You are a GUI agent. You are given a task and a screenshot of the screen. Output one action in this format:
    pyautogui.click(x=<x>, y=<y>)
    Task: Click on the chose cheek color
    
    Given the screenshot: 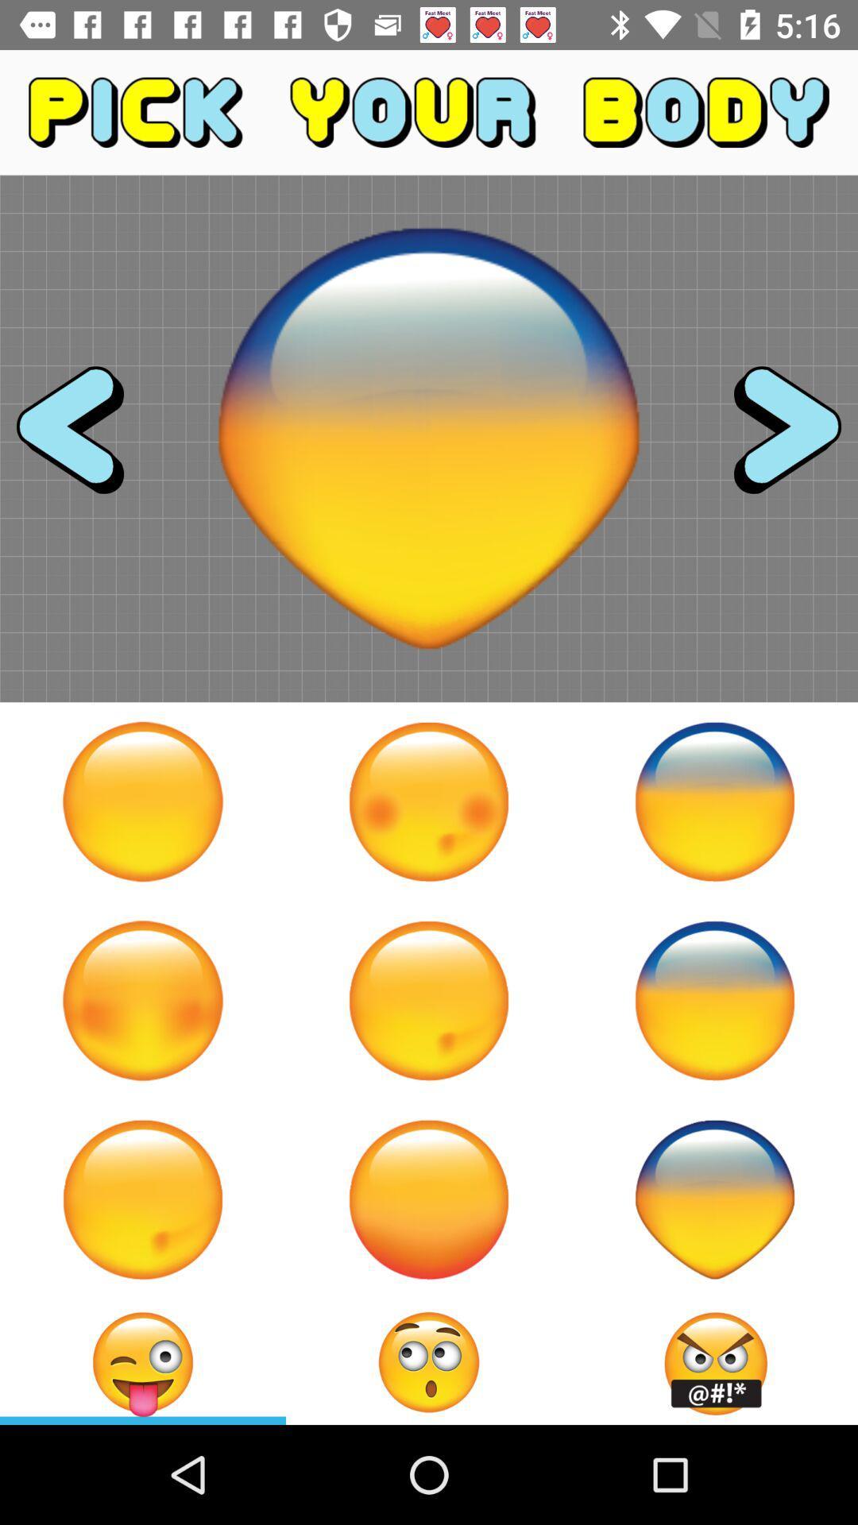 What is the action you would take?
    pyautogui.click(x=143, y=999)
    